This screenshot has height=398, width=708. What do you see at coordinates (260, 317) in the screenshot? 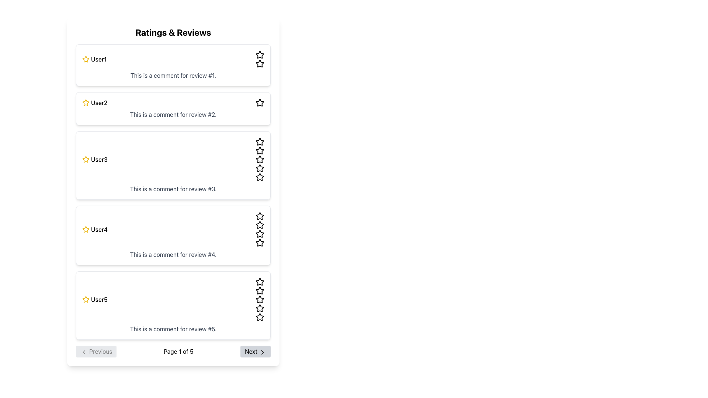
I see `the fifth star icon in the rating system associated with 'User5's' review` at bounding box center [260, 317].